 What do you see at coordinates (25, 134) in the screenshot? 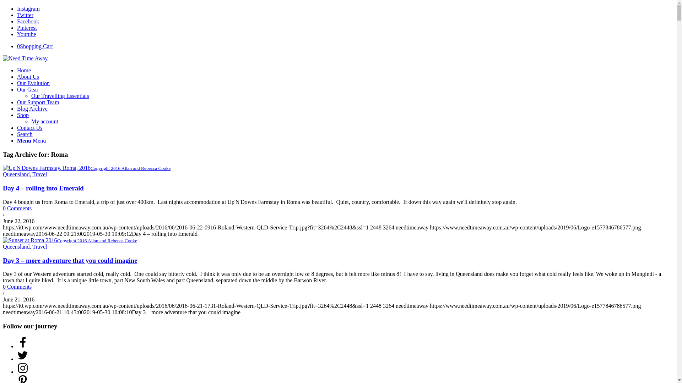
I see `'Search'` at bounding box center [25, 134].